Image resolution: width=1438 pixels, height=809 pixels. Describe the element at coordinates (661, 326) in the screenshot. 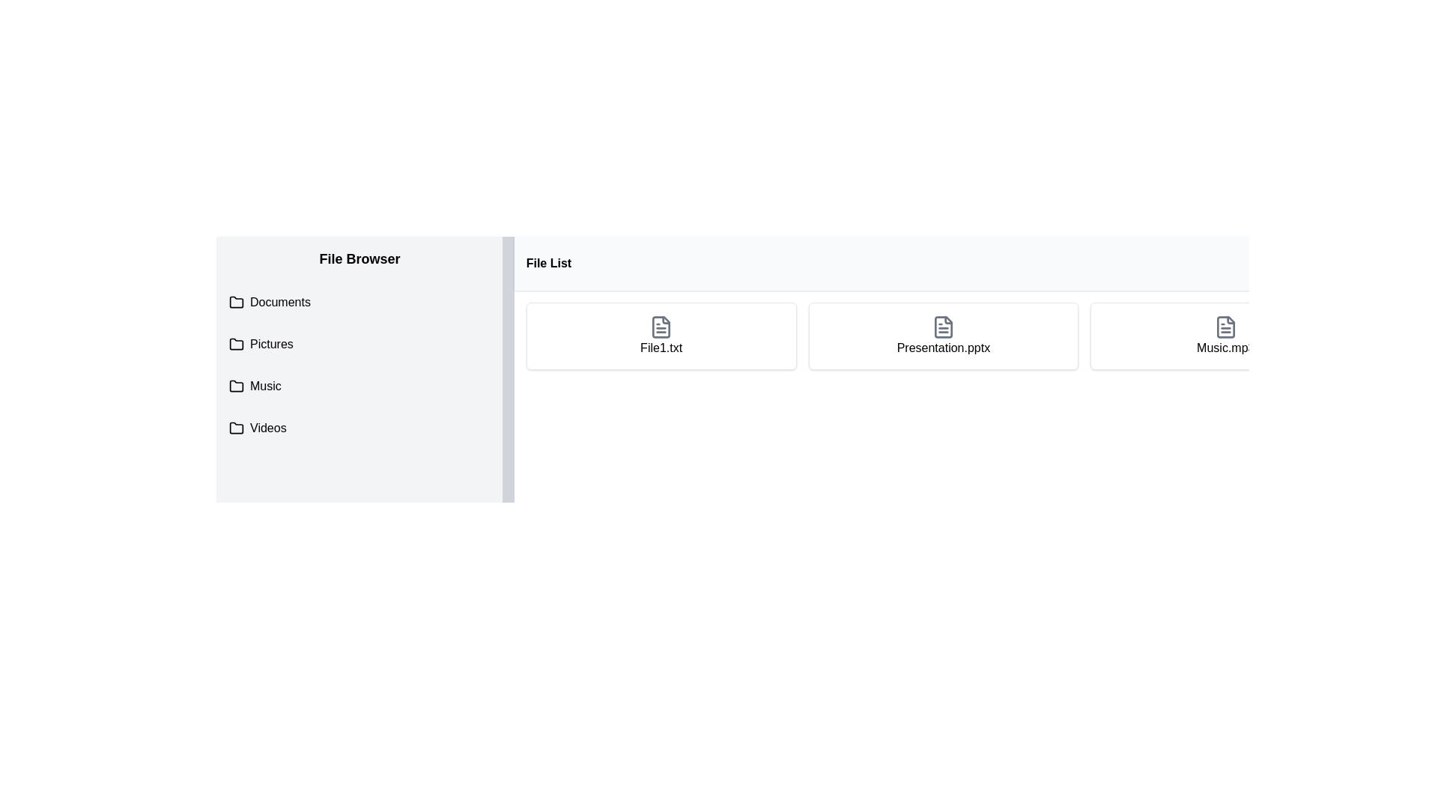

I see `the file document icon with a gray outline and white fill, which is located above the text 'File1.txt'` at that location.